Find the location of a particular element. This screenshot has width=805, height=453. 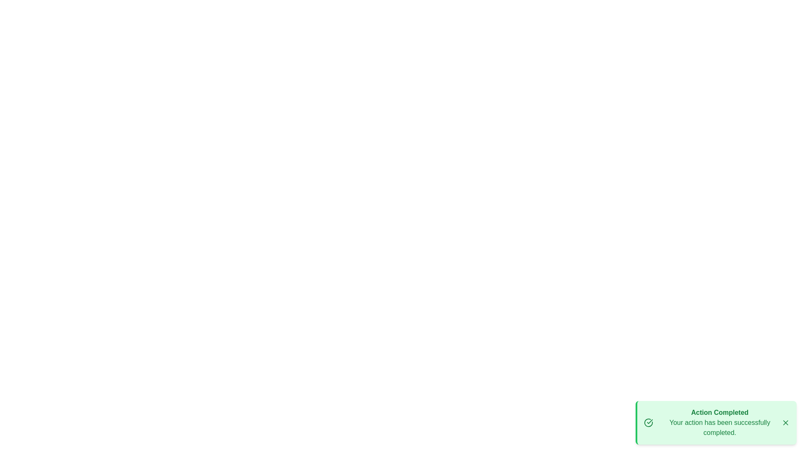

the close button to observe its hover effect is located at coordinates (785, 422).